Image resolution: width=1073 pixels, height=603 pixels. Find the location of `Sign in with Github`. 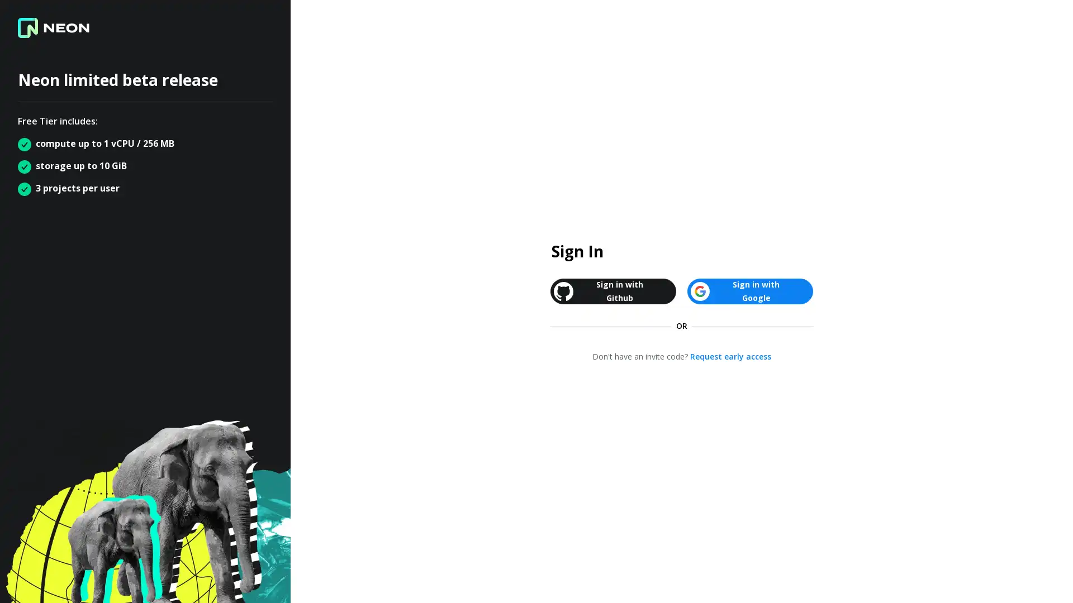

Sign in with Github is located at coordinates (613, 290).